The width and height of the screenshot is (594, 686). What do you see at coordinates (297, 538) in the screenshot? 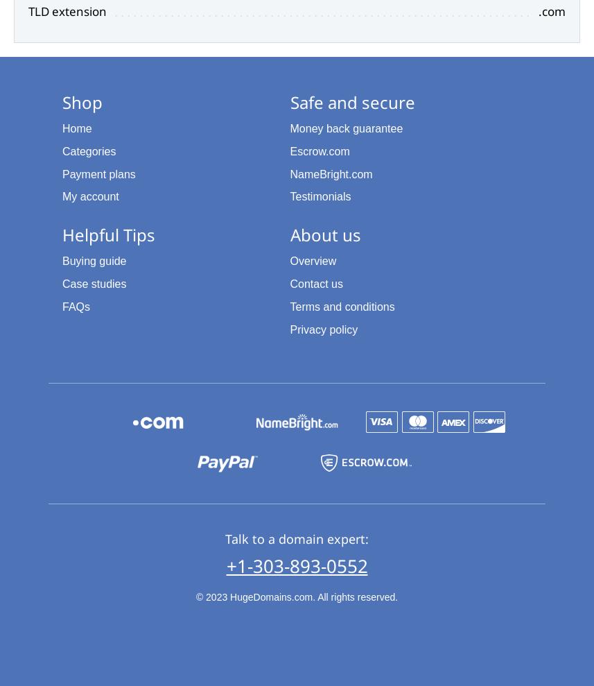
I see `'Talk to a domain expert:'` at bounding box center [297, 538].